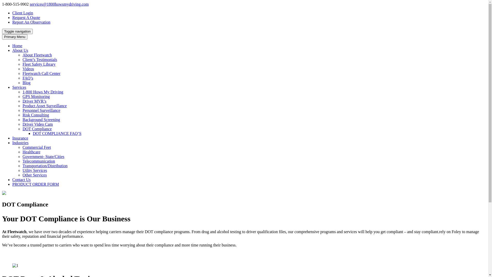 This screenshot has height=277, width=492. Describe the element at coordinates (22, 68) in the screenshot. I see `'Videos'` at that location.